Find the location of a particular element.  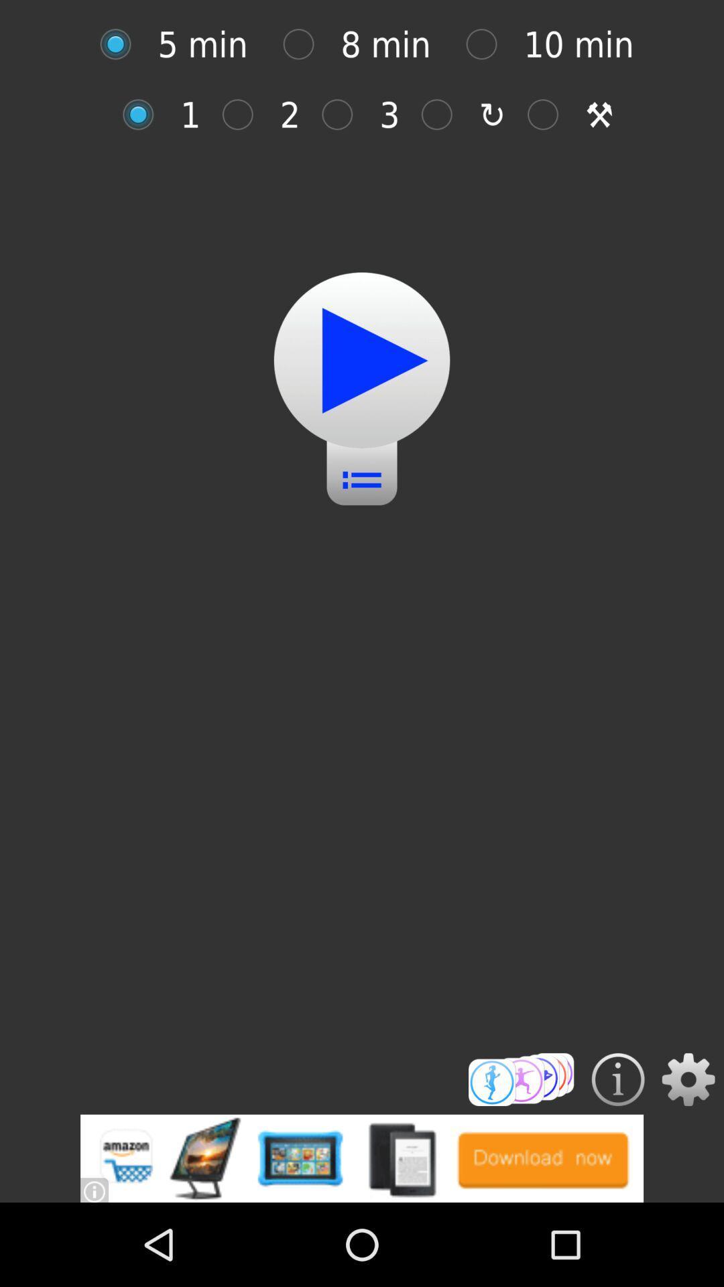

click how many you want is located at coordinates (145, 115).